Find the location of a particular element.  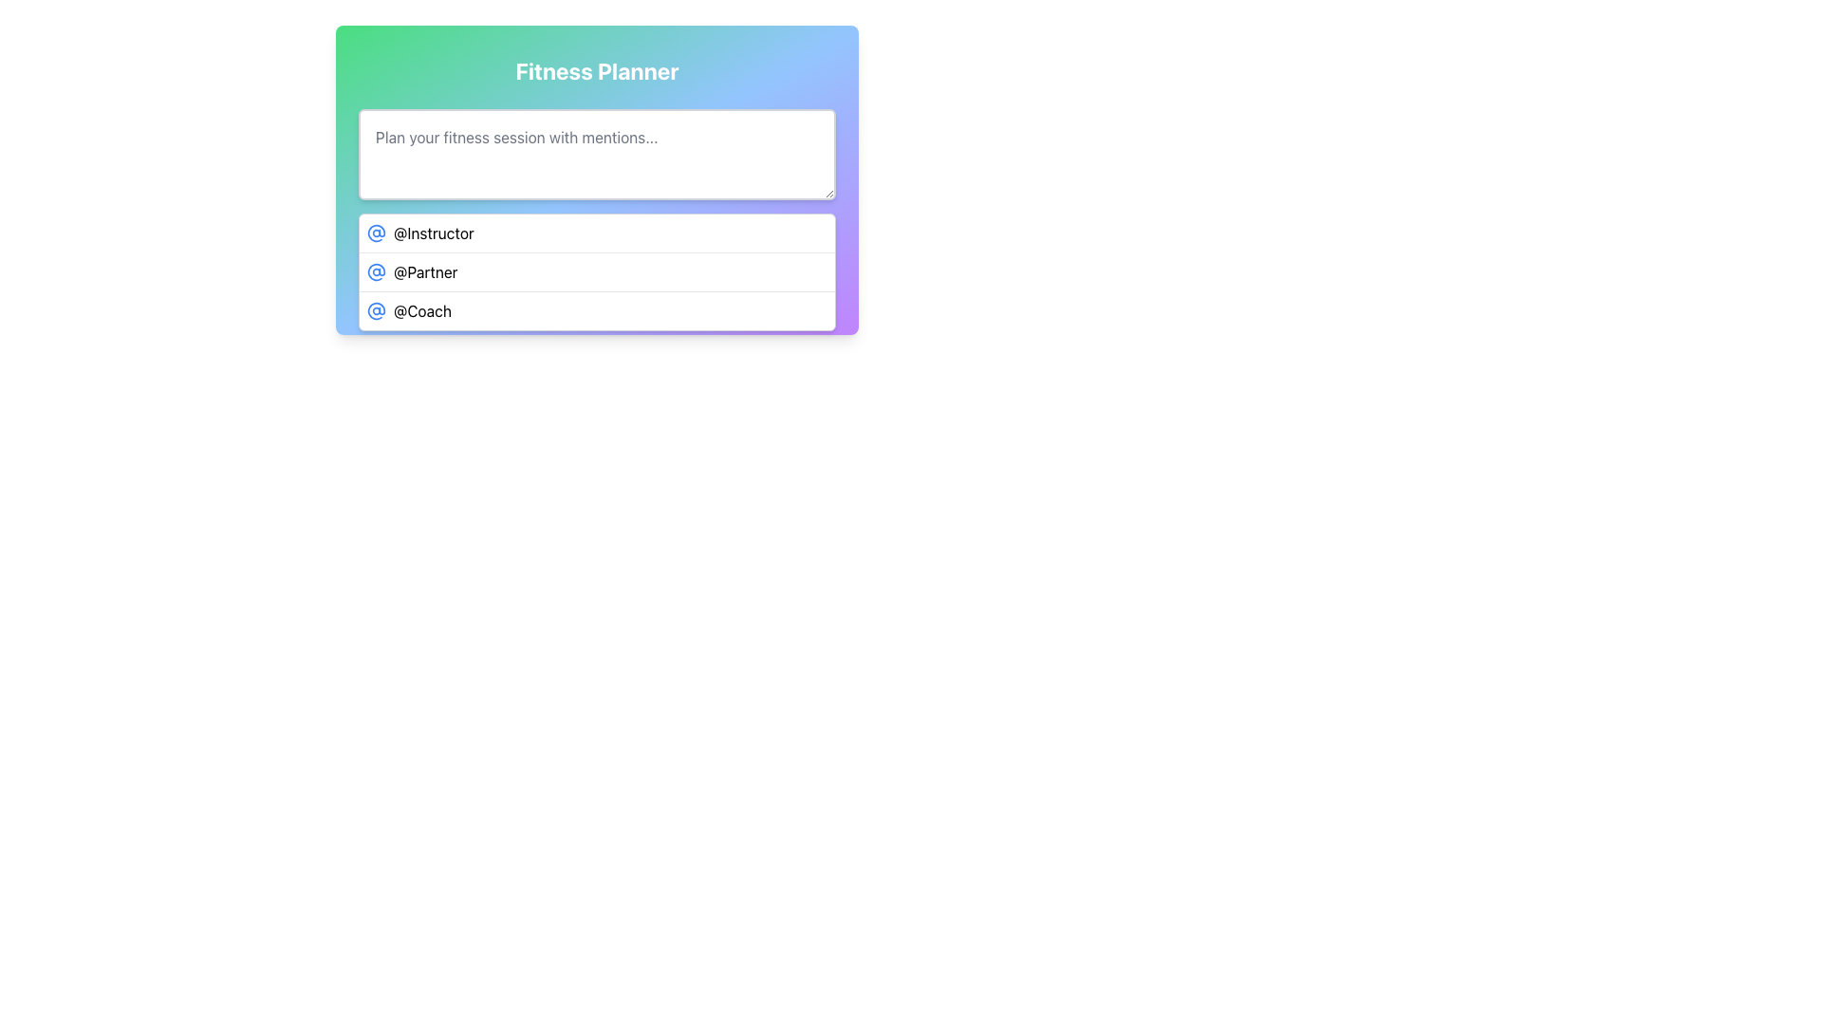

the '@Instructor' icon, which is the first icon in a horizontal list next to the '@Instructor' text is located at coordinates (377, 233).